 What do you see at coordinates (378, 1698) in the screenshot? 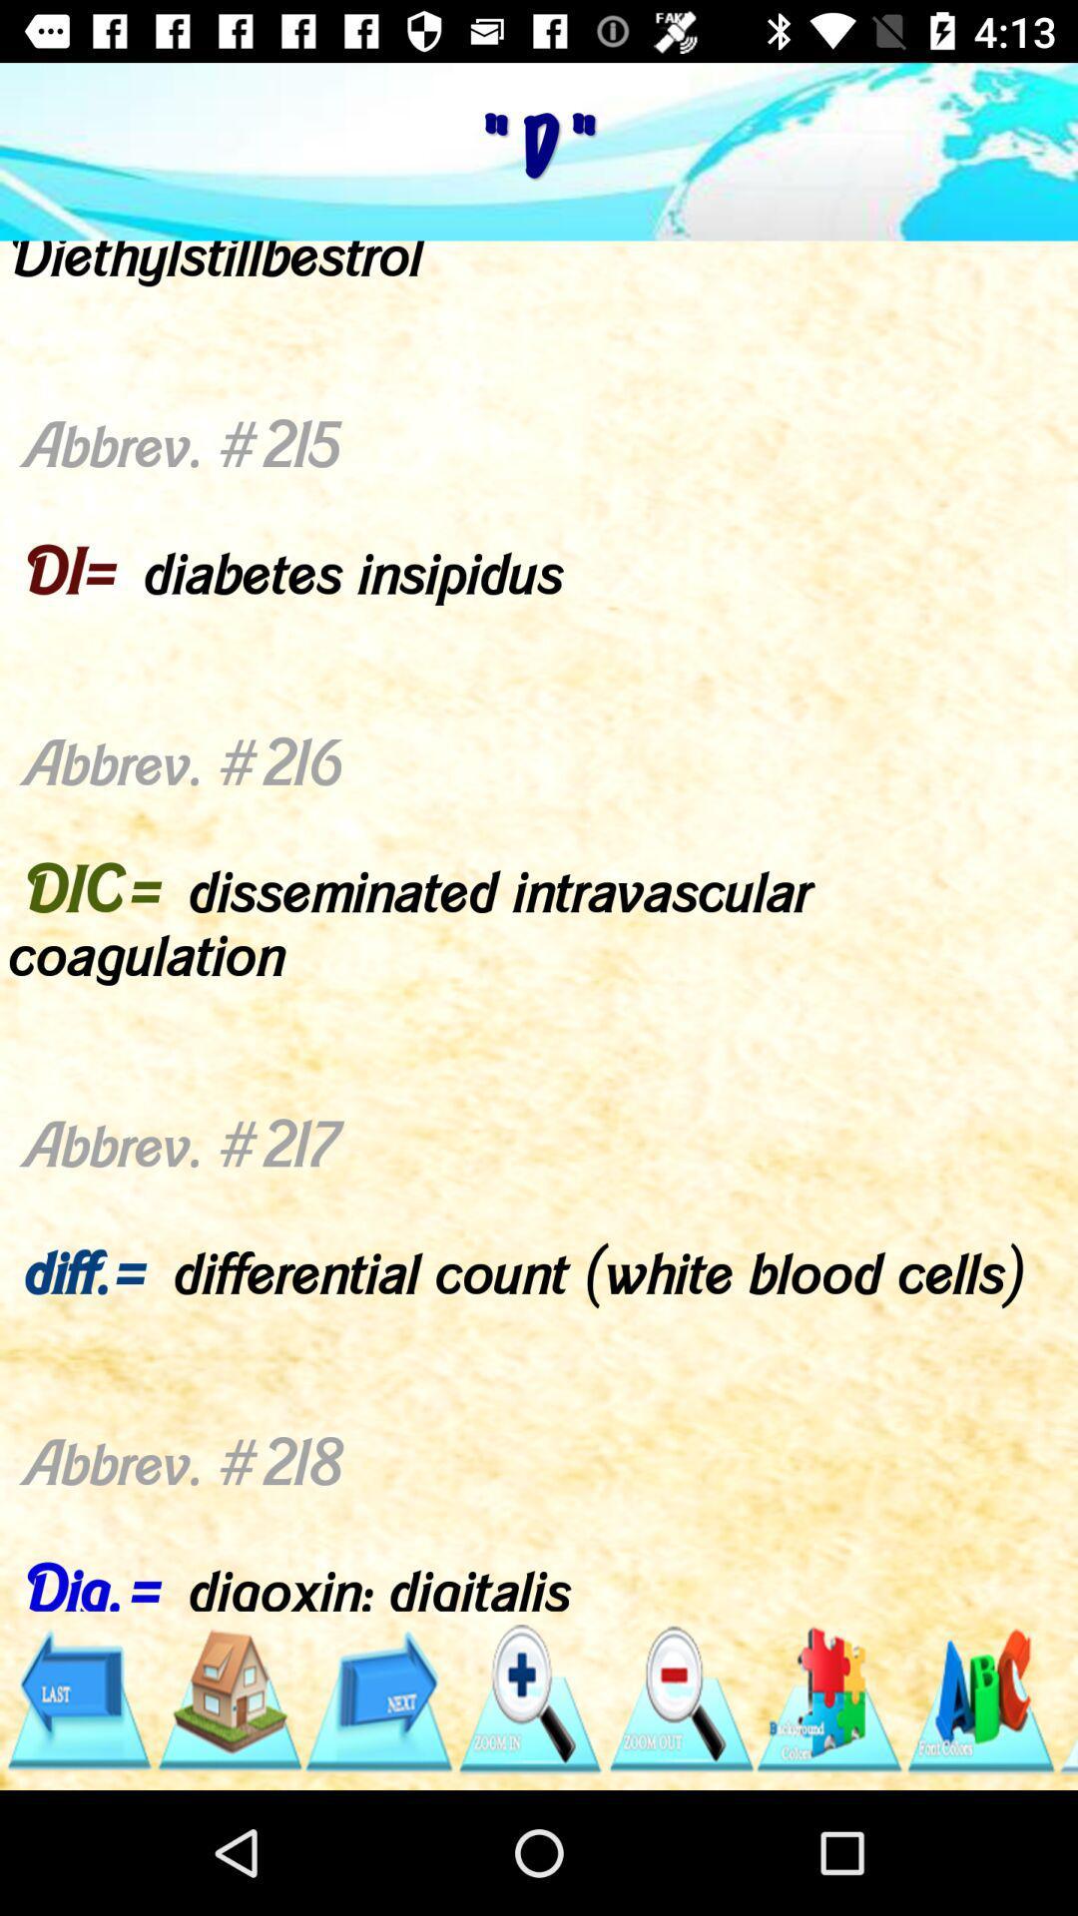
I see `go forward` at bounding box center [378, 1698].